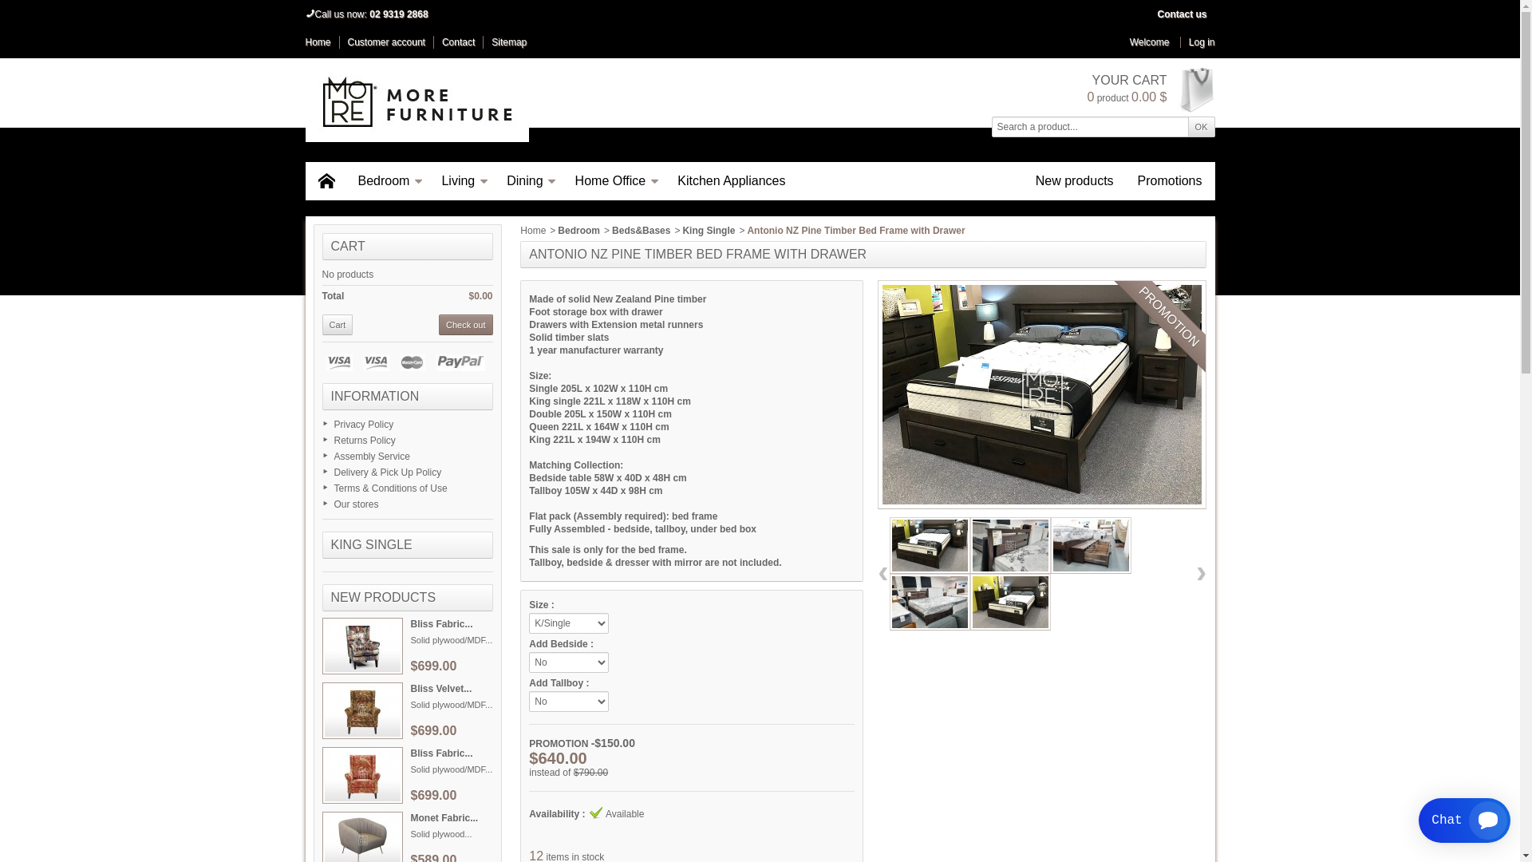 Image resolution: width=1532 pixels, height=862 pixels. Describe the element at coordinates (614, 180) in the screenshot. I see `'Home Office'` at that location.